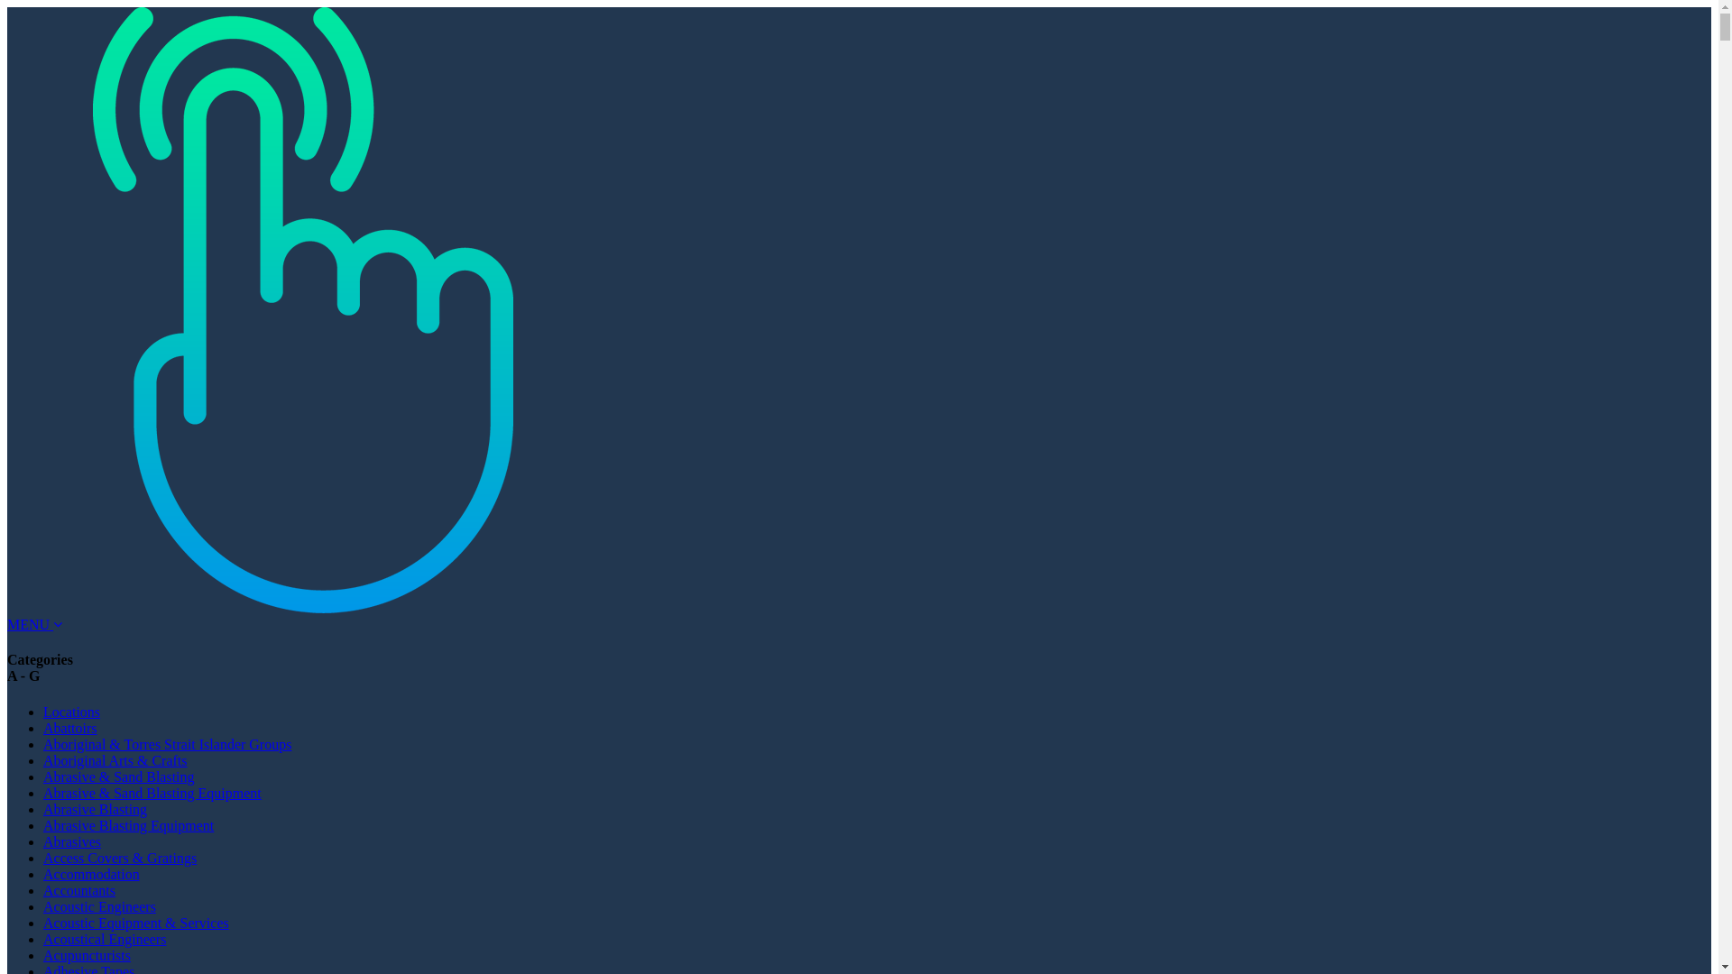  What do you see at coordinates (118, 776) in the screenshot?
I see `'Abrasive & Sand Blasting'` at bounding box center [118, 776].